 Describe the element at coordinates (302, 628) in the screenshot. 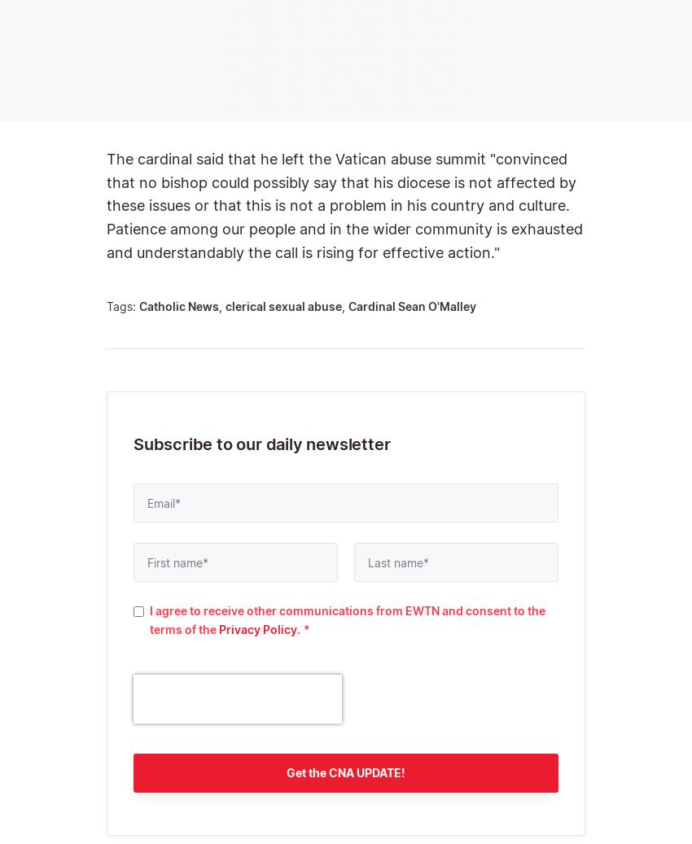

I see `'*'` at that location.